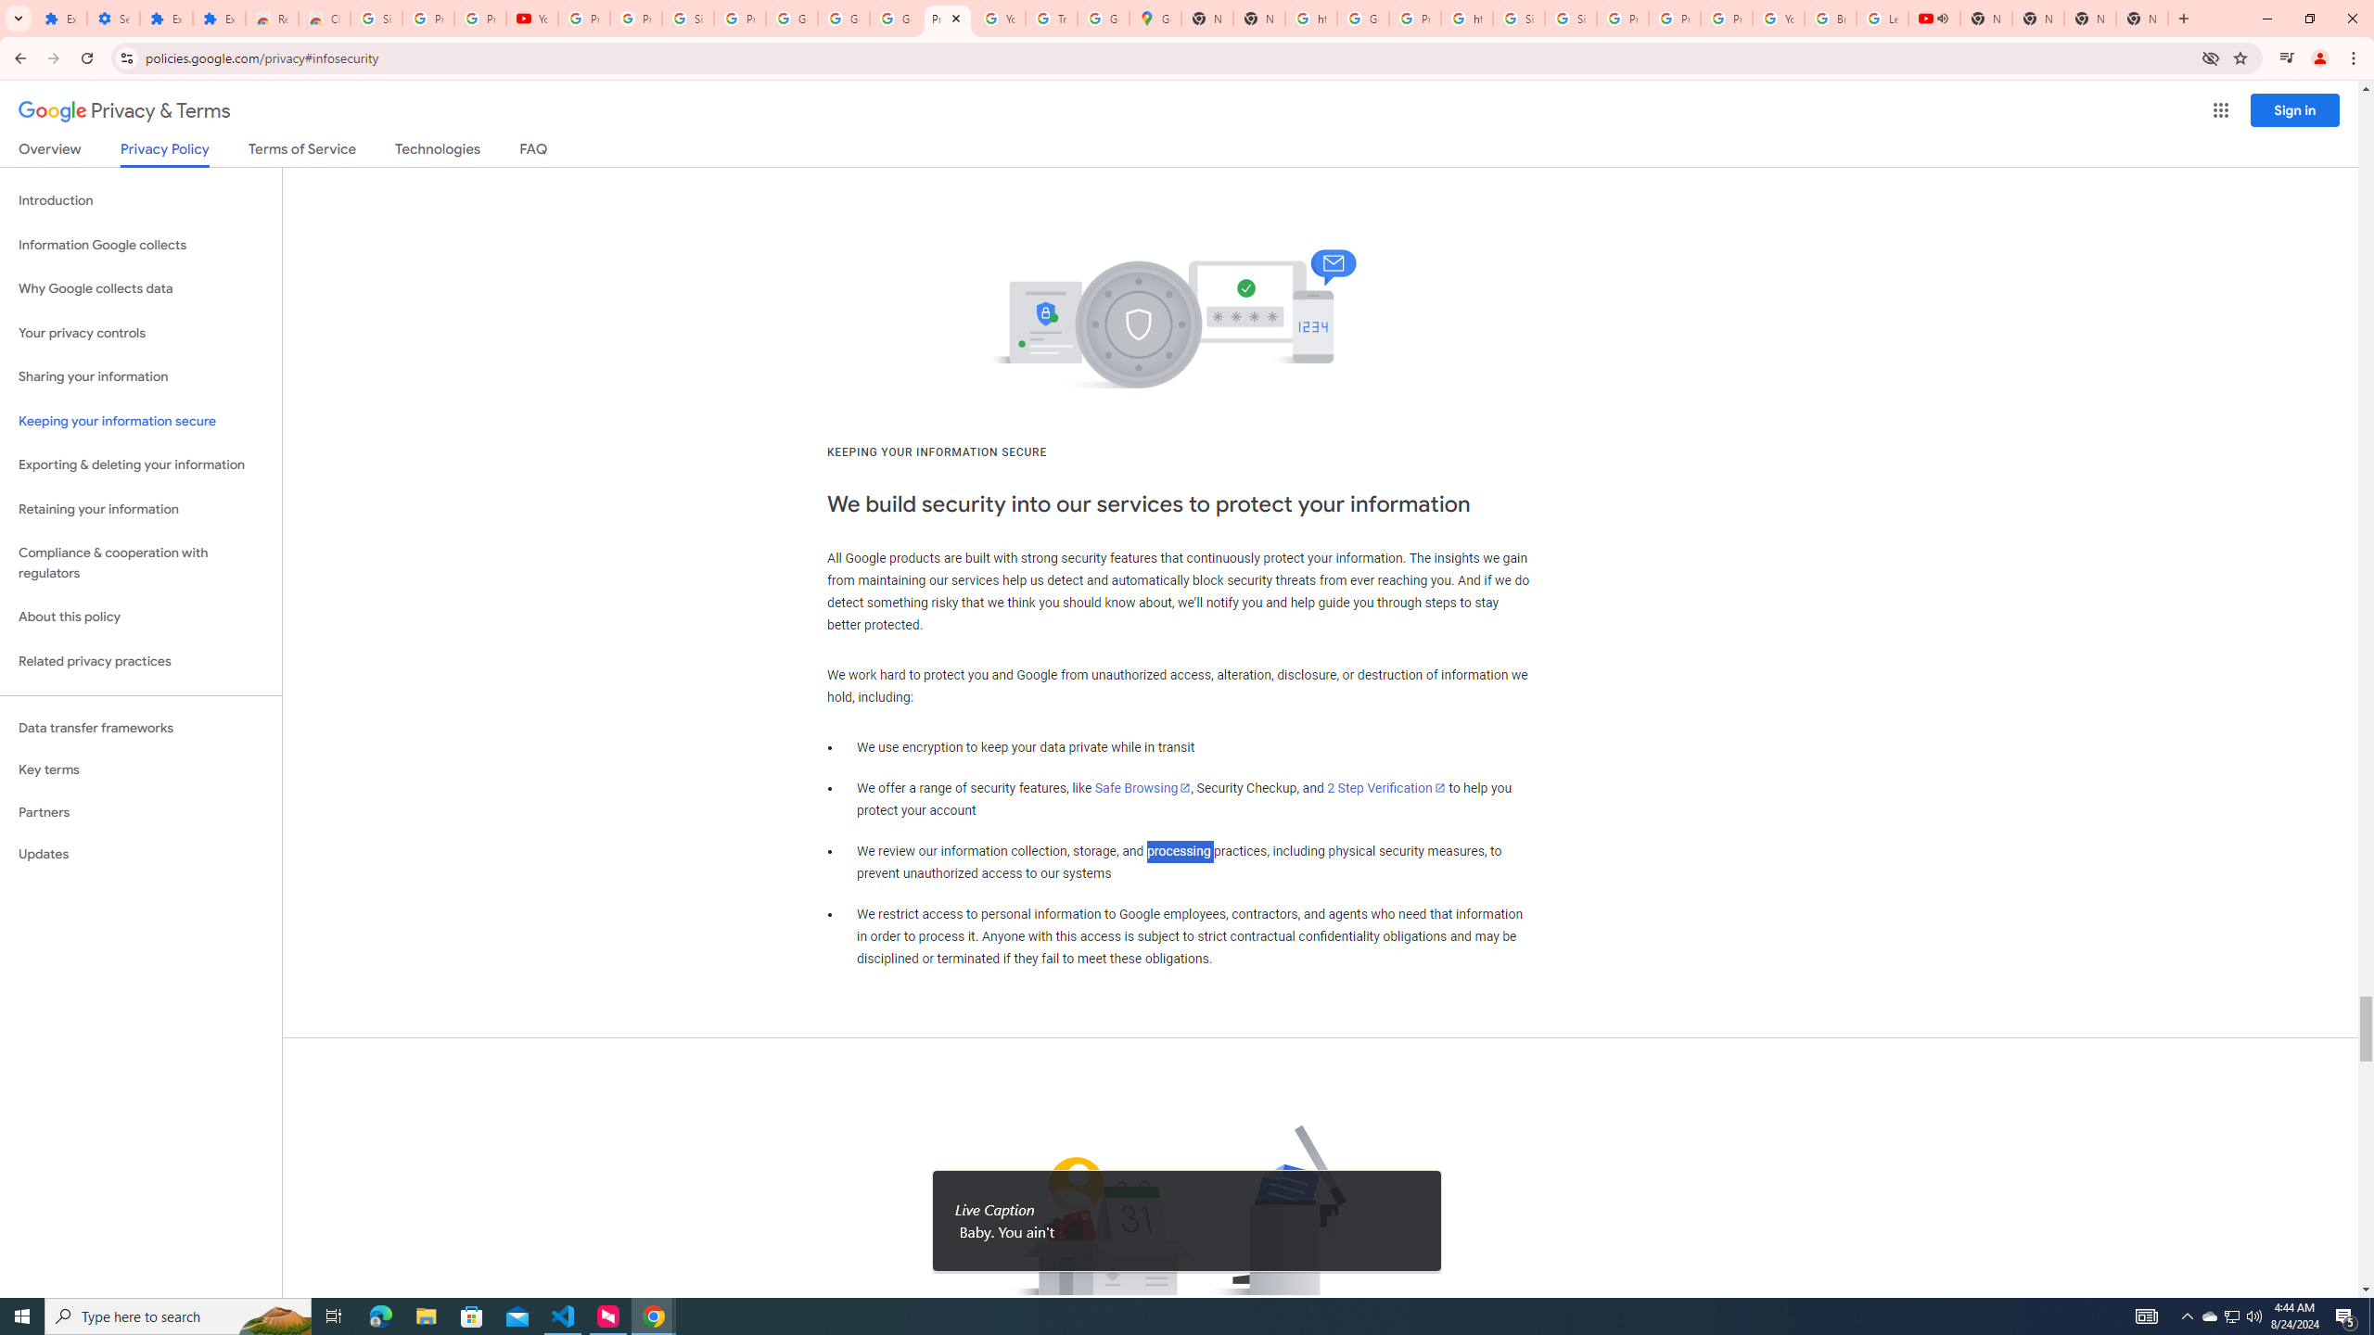  What do you see at coordinates (2219, 109) in the screenshot?
I see `'Google apps'` at bounding box center [2219, 109].